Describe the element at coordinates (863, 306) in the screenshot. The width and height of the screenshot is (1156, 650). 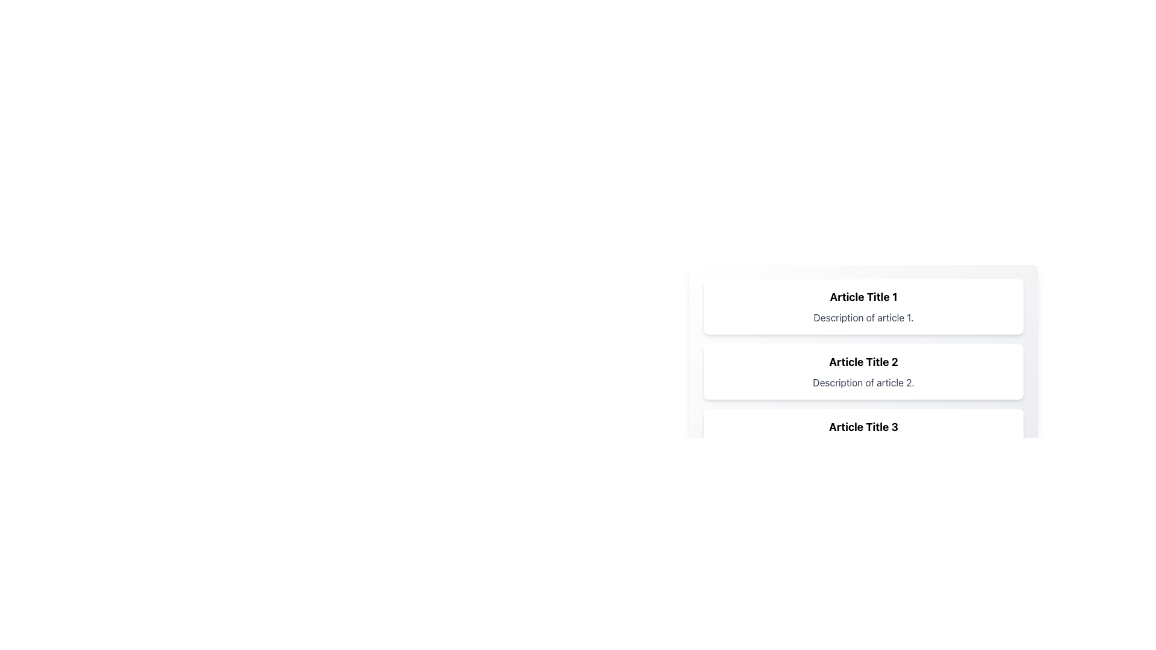
I see `the informational card that provides a title and summary text for an article, located at the top of the list in a vertically-stacked grid layout` at that location.